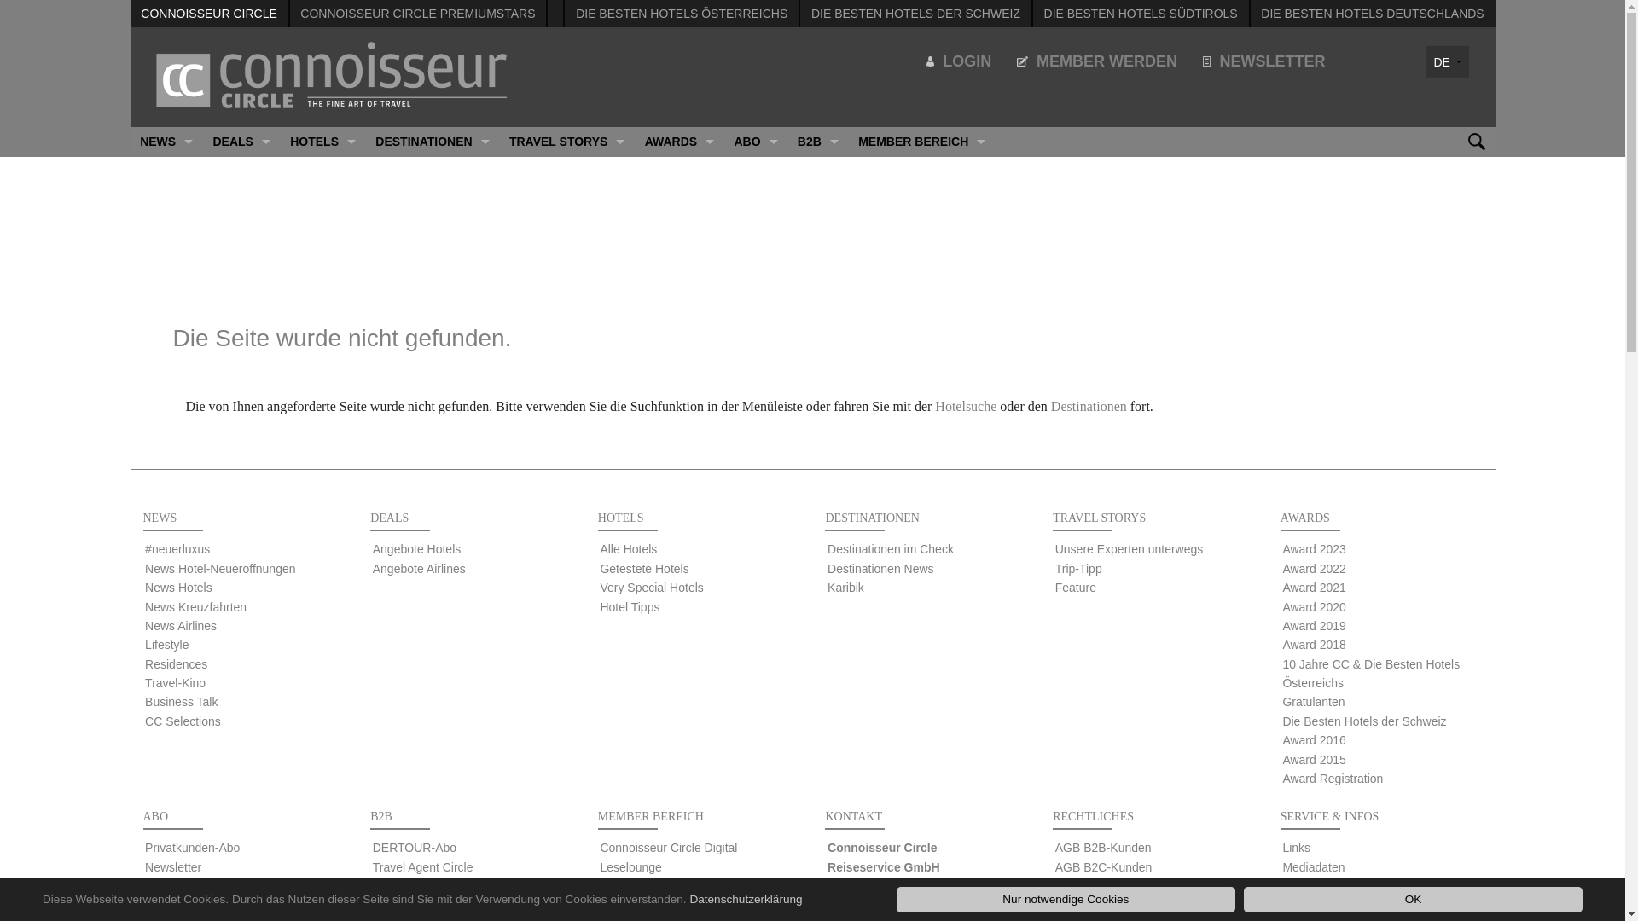  I want to click on 'DIE BESTEN HOTELS DER SCHWEIZ', so click(915, 13).